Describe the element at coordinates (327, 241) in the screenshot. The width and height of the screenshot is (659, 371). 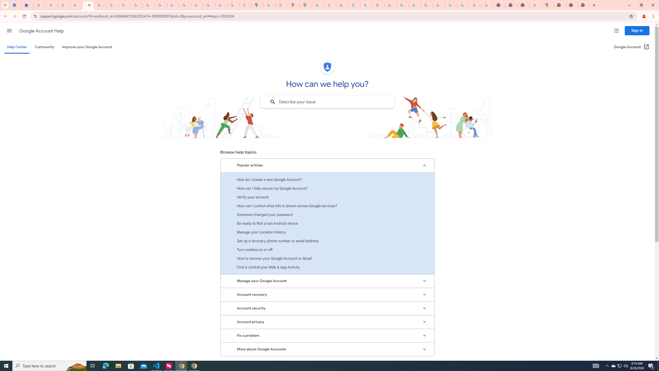
I see `'Set up a recovery phone number or email address'` at that location.